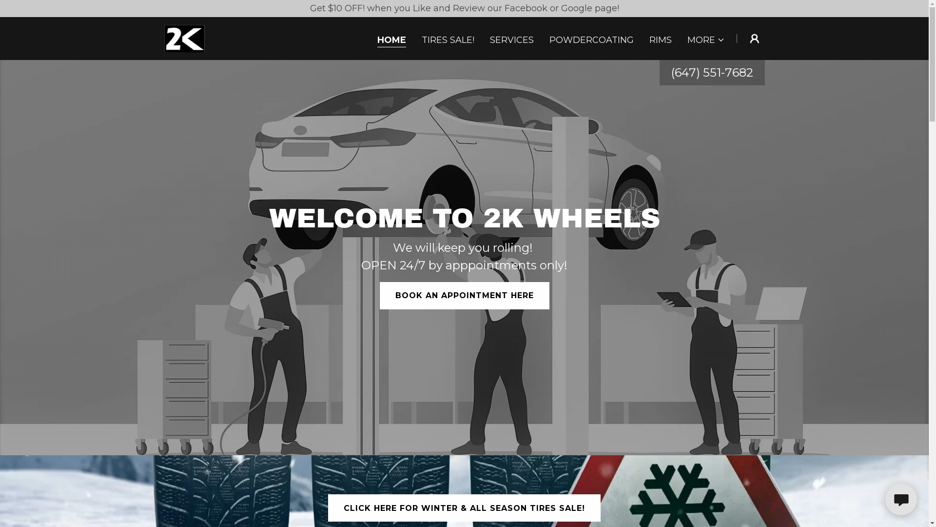 The width and height of the screenshot is (936, 527). What do you see at coordinates (511, 39) in the screenshot?
I see `'SERVICES'` at bounding box center [511, 39].